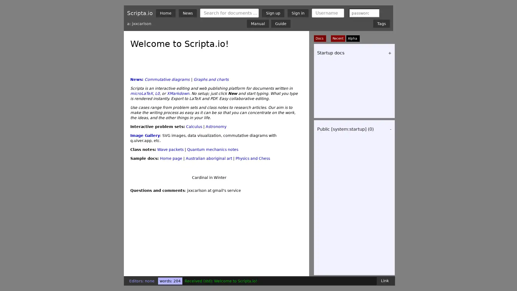 The height and width of the screenshot is (291, 517). I want to click on Home, so click(165, 12).